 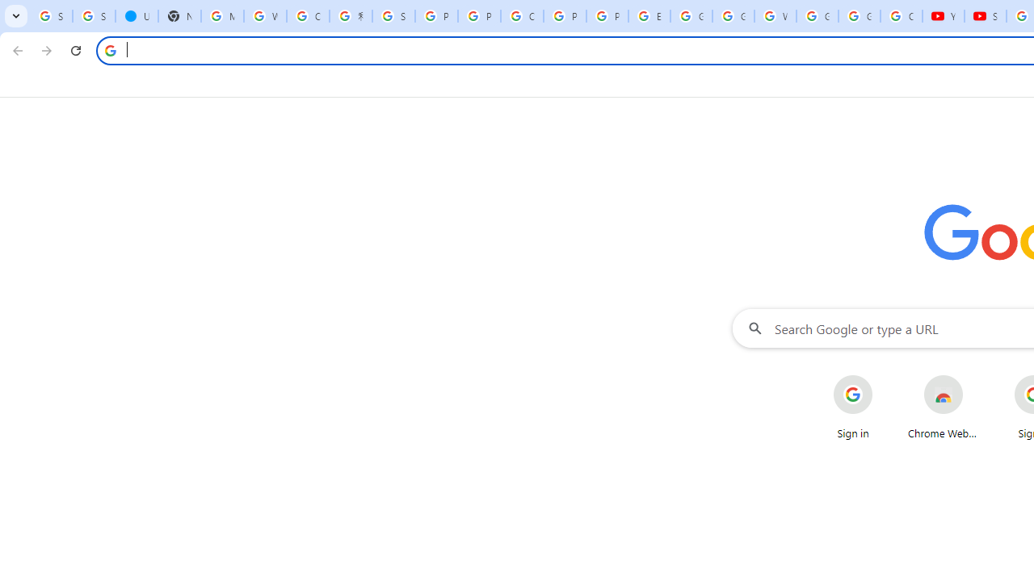 I want to click on 'YouTube', so click(x=944, y=16).